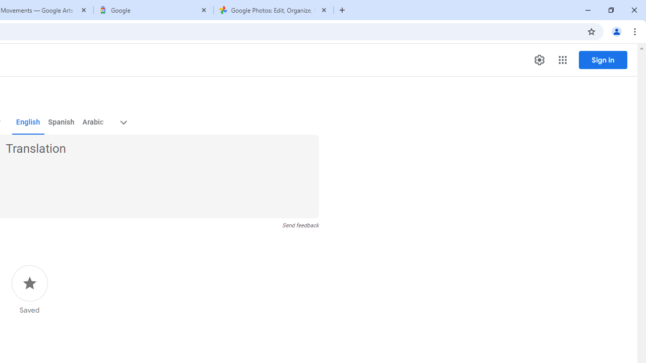 Image resolution: width=646 pixels, height=363 pixels. What do you see at coordinates (29, 290) in the screenshot?
I see `'Saved'` at bounding box center [29, 290].